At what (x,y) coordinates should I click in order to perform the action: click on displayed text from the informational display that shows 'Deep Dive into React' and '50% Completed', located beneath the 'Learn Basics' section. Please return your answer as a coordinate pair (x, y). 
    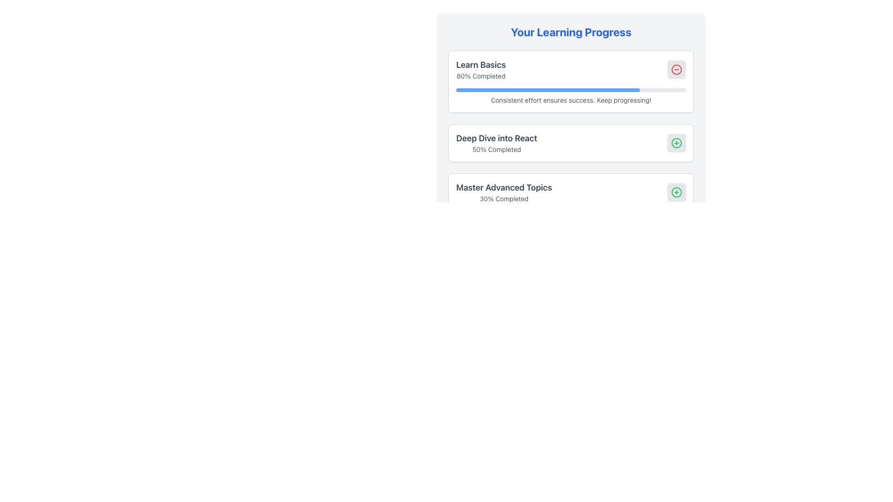
    Looking at the image, I should click on (496, 143).